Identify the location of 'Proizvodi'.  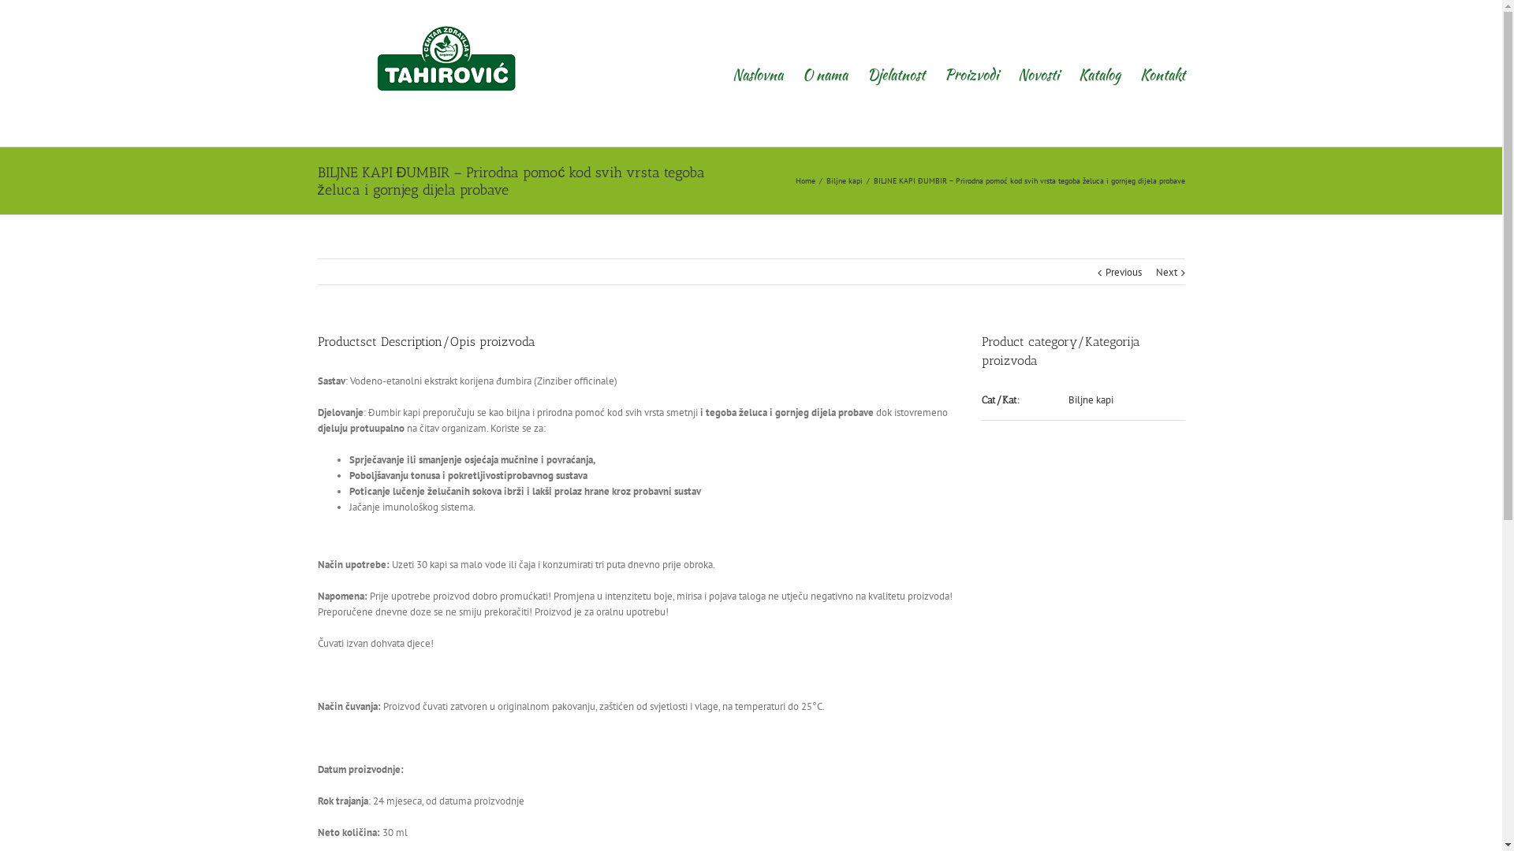
(971, 72).